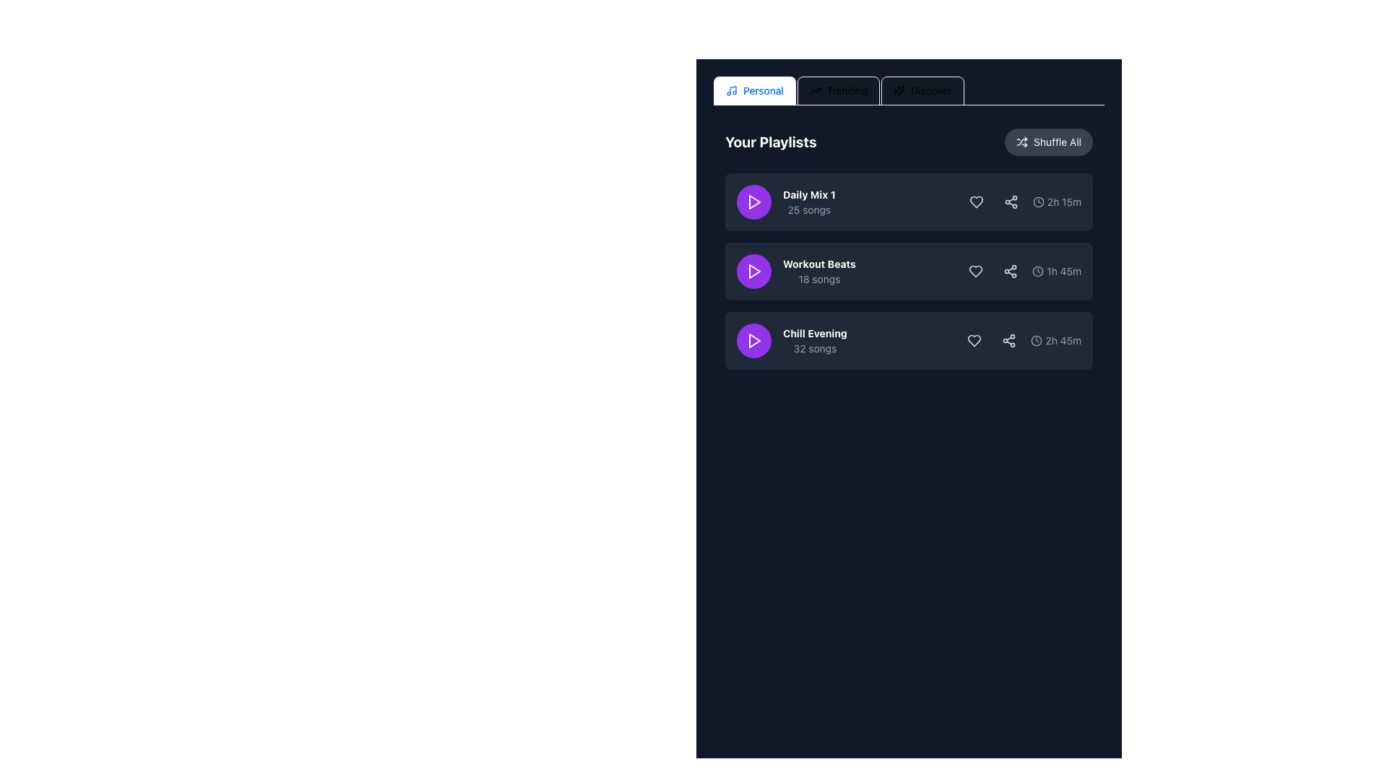  I want to click on the text display element showing '2h 45m', so click(1021, 340).